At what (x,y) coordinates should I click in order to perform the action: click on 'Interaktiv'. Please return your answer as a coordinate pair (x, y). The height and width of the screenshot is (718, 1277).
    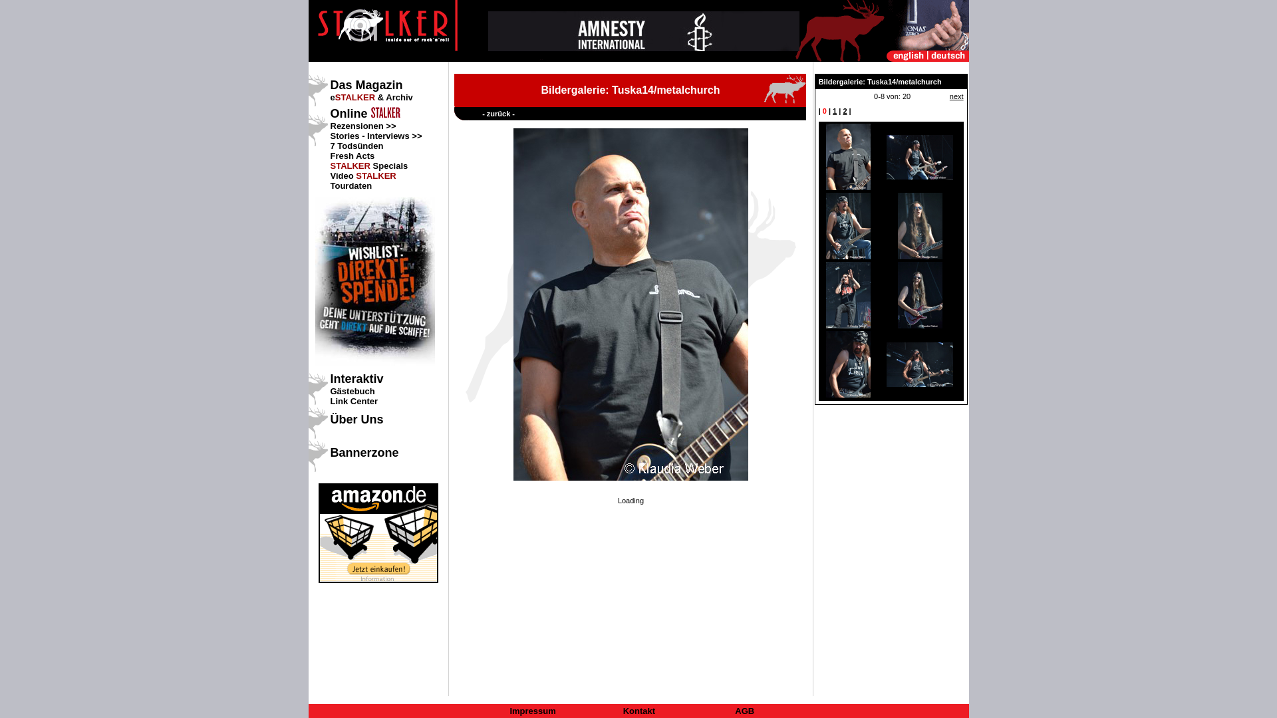
    Looking at the image, I should click on (356, 379).